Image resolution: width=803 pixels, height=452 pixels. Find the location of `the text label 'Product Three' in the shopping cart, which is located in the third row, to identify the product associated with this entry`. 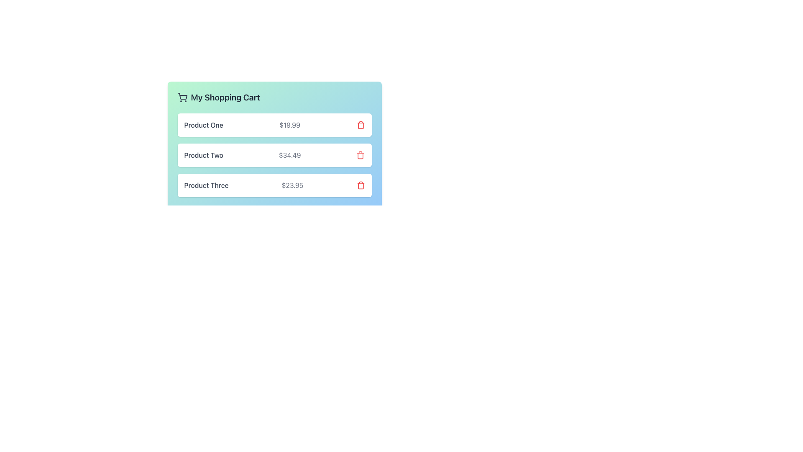

the text label 'Product Three' in the shopping cart, which is located in the third row, to identify the product associated with this entry is located at coordinates (206, 185).